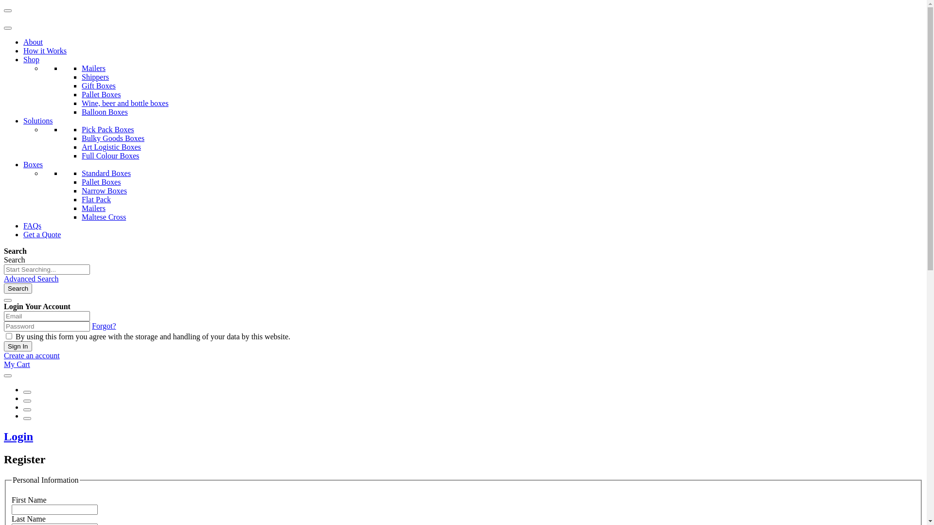 Image resolution: width=934 pixels, height=525 pixels. Describe the element at coordinates (104, 191) in the screenshot. I see `'Narrow Boxes'` at that location.